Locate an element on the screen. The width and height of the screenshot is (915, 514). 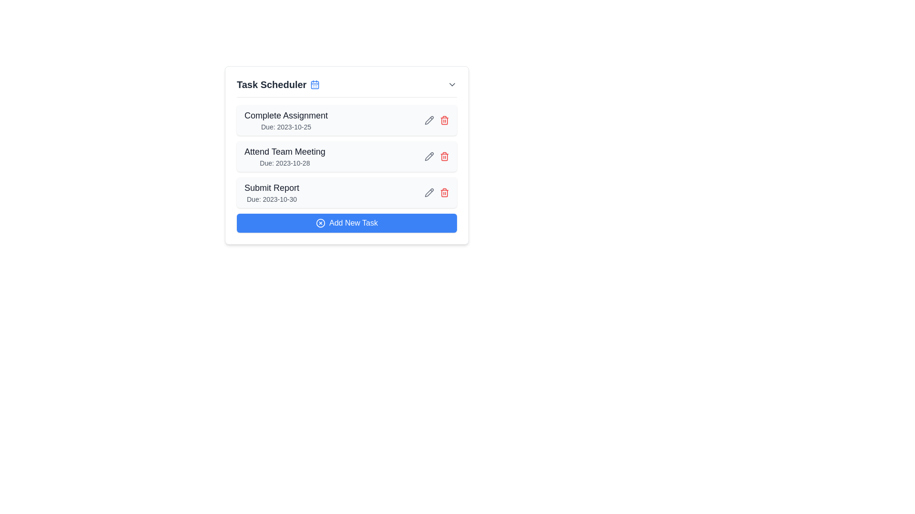
the bolded text label that reads 'Complete Assignment', which is the header of the first task card in the task scheduler interface is located at coordinates (285, 115).